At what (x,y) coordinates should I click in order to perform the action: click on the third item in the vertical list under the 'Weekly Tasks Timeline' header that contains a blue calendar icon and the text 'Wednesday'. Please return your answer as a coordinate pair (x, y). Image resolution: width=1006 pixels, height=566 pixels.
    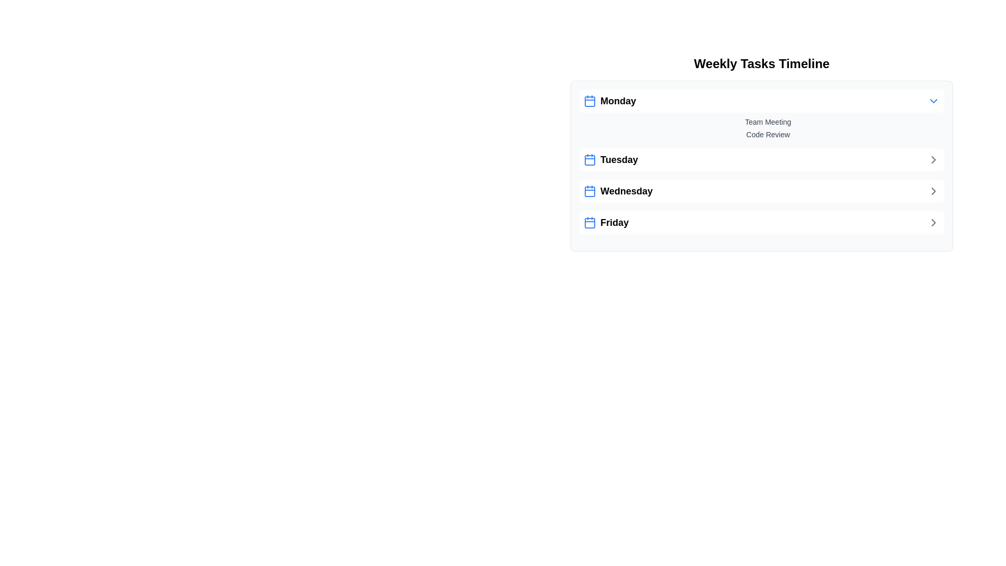
    Looking at the image, I should click on (618, 191).